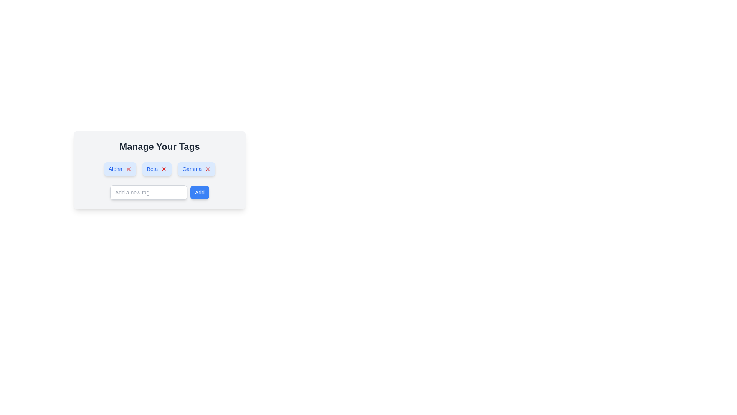  I want to click on the tag representation button labeled 'Alpha' with an associated 'X' icon for additional visual effect, so click(119, 168).